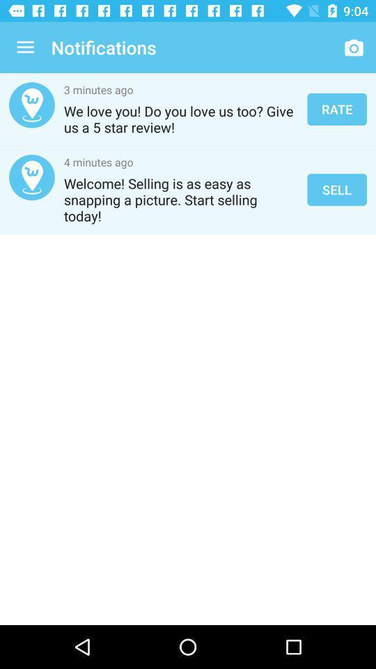  I want to click on the item next to rate item, so click(181, 118).